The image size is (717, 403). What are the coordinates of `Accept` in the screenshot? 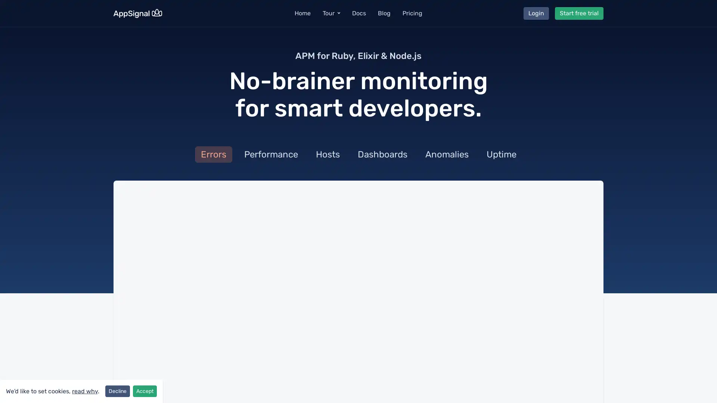 It's located at (145, 391).